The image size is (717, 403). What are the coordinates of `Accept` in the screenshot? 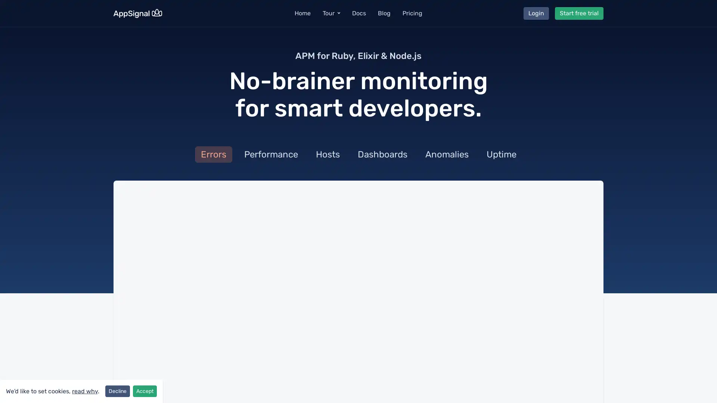 It's located at (145, 391).